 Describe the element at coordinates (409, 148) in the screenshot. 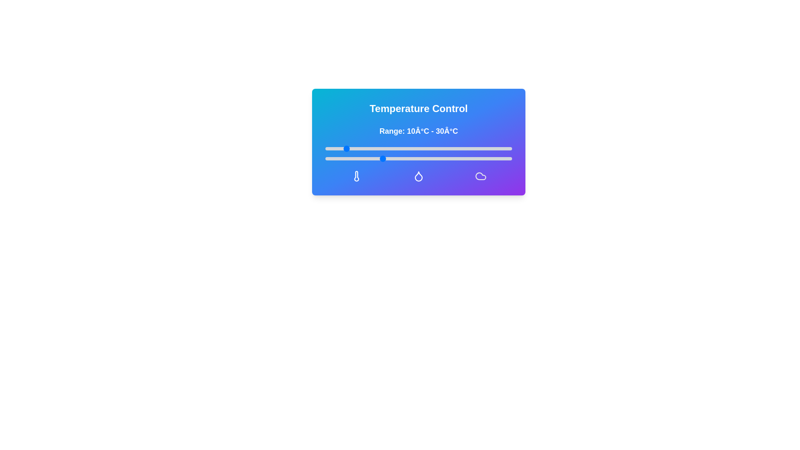

I see `the temperature` at that location.